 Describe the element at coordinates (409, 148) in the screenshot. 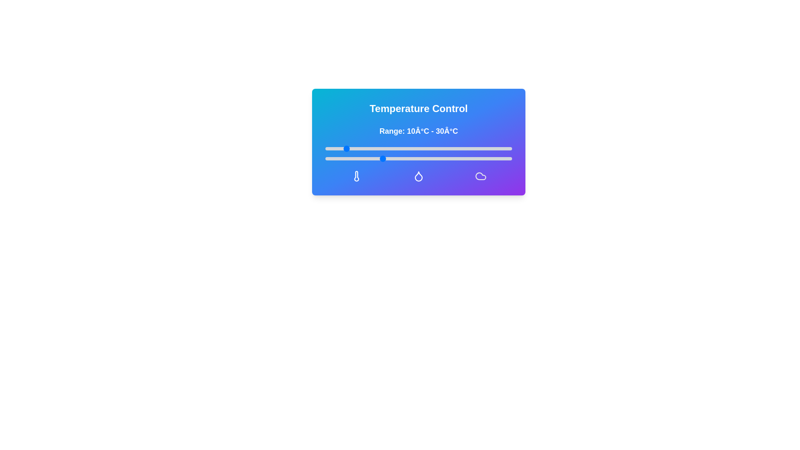

I see `the temperature` at that location.